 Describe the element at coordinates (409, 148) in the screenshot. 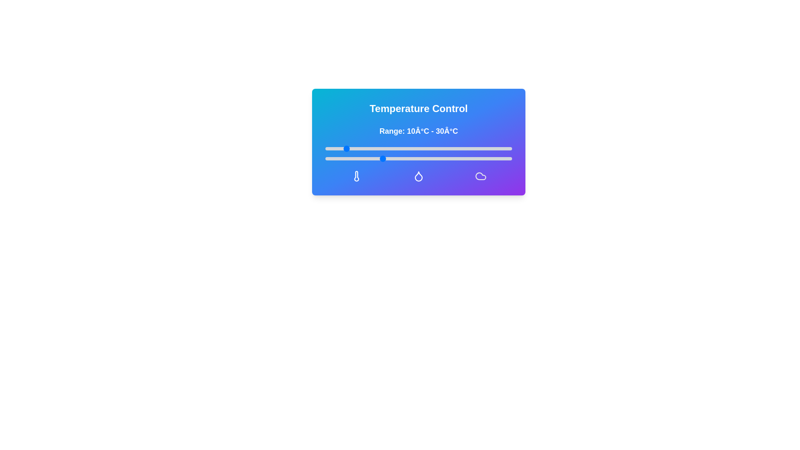

I see `the temperature` at that location.